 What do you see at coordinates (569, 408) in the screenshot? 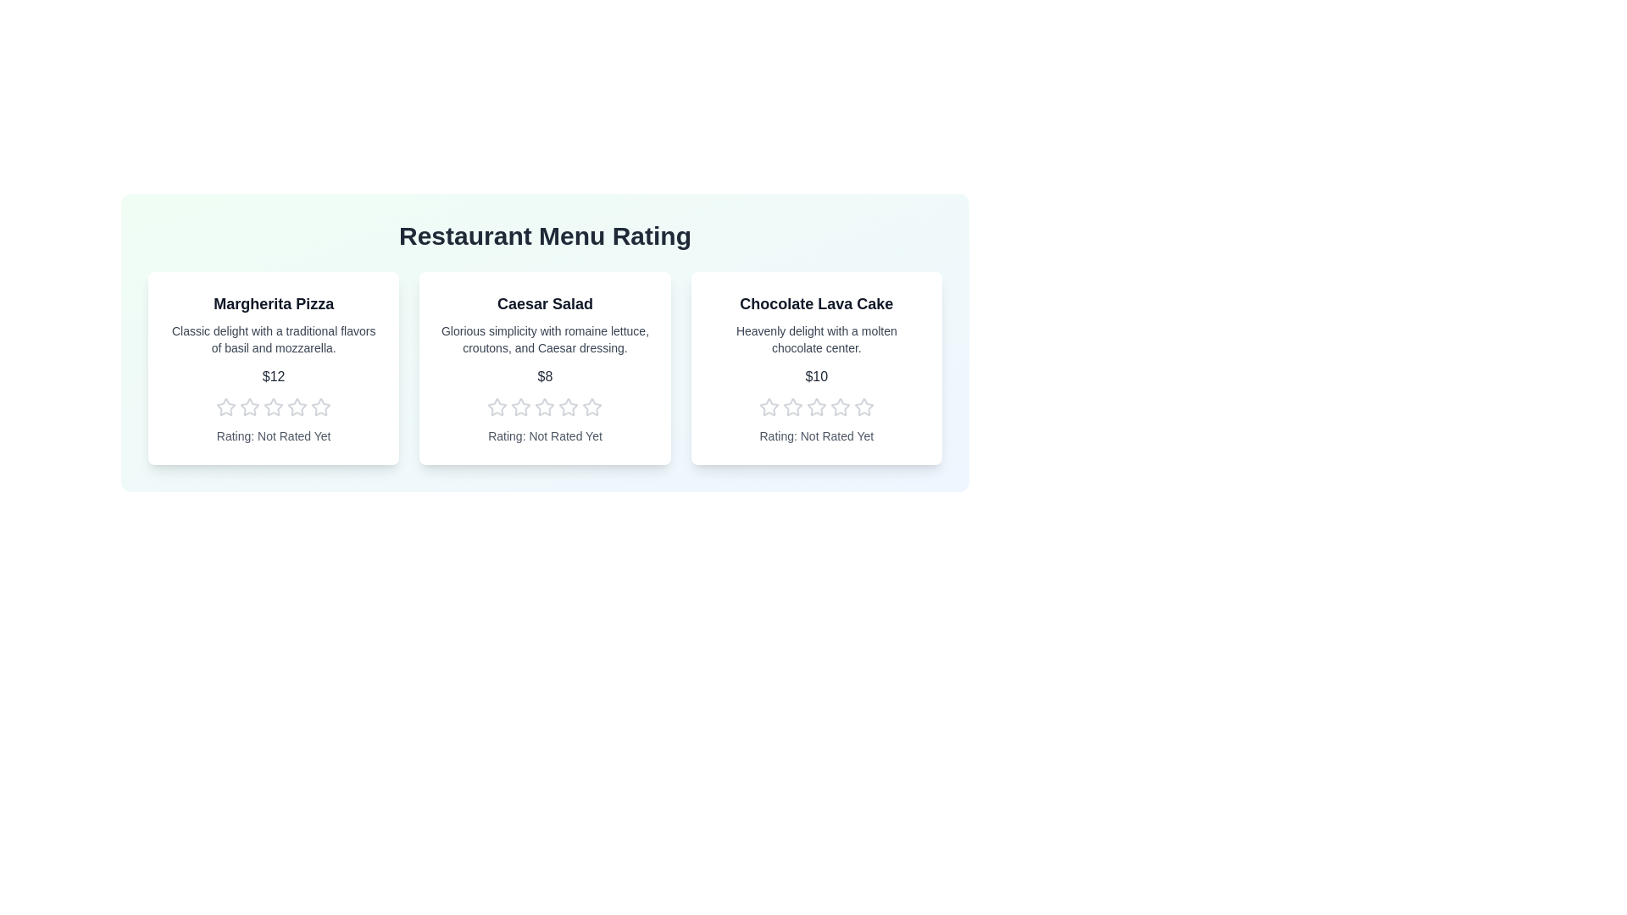
I see `the star corresponding to the desired rating 4 for the menu item Caesar Salad` at bounding box center [569, 408].